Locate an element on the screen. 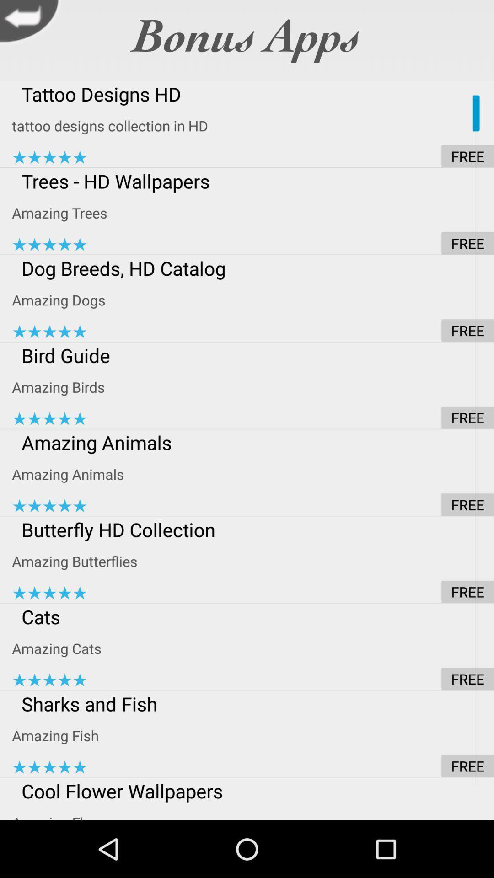 The width and height of the screenshot is (494, 878). icon at the top left corner is located at coordinates (31, 23).